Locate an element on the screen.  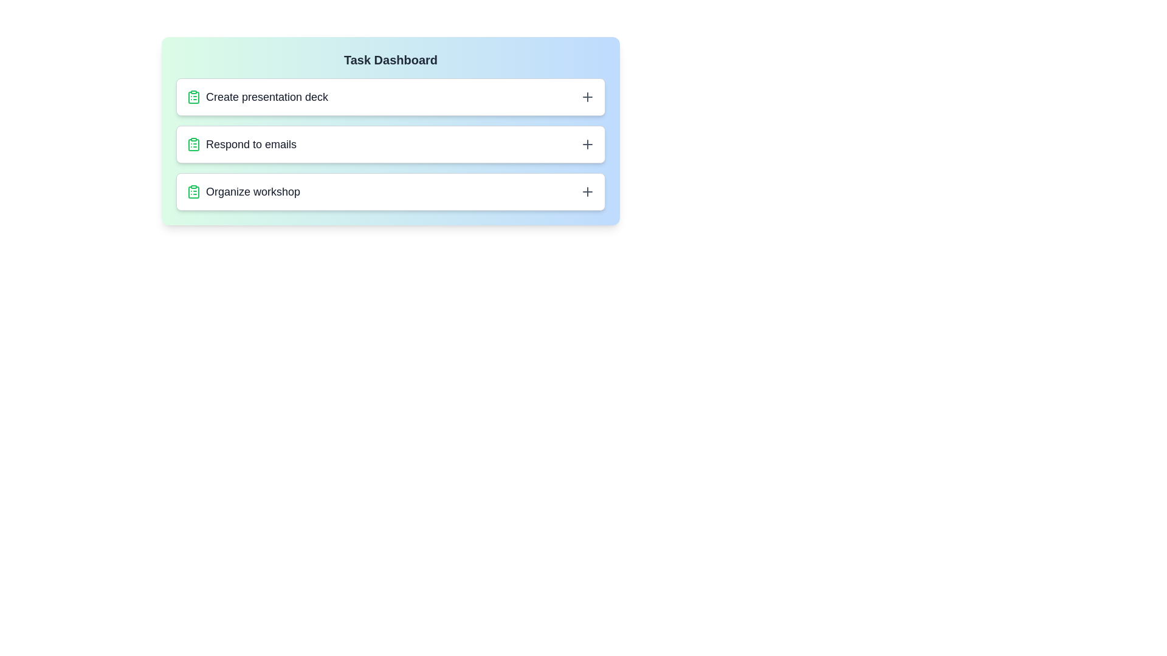
the '+' button for the task Create presentation deck is located at coordinates (587, 96).